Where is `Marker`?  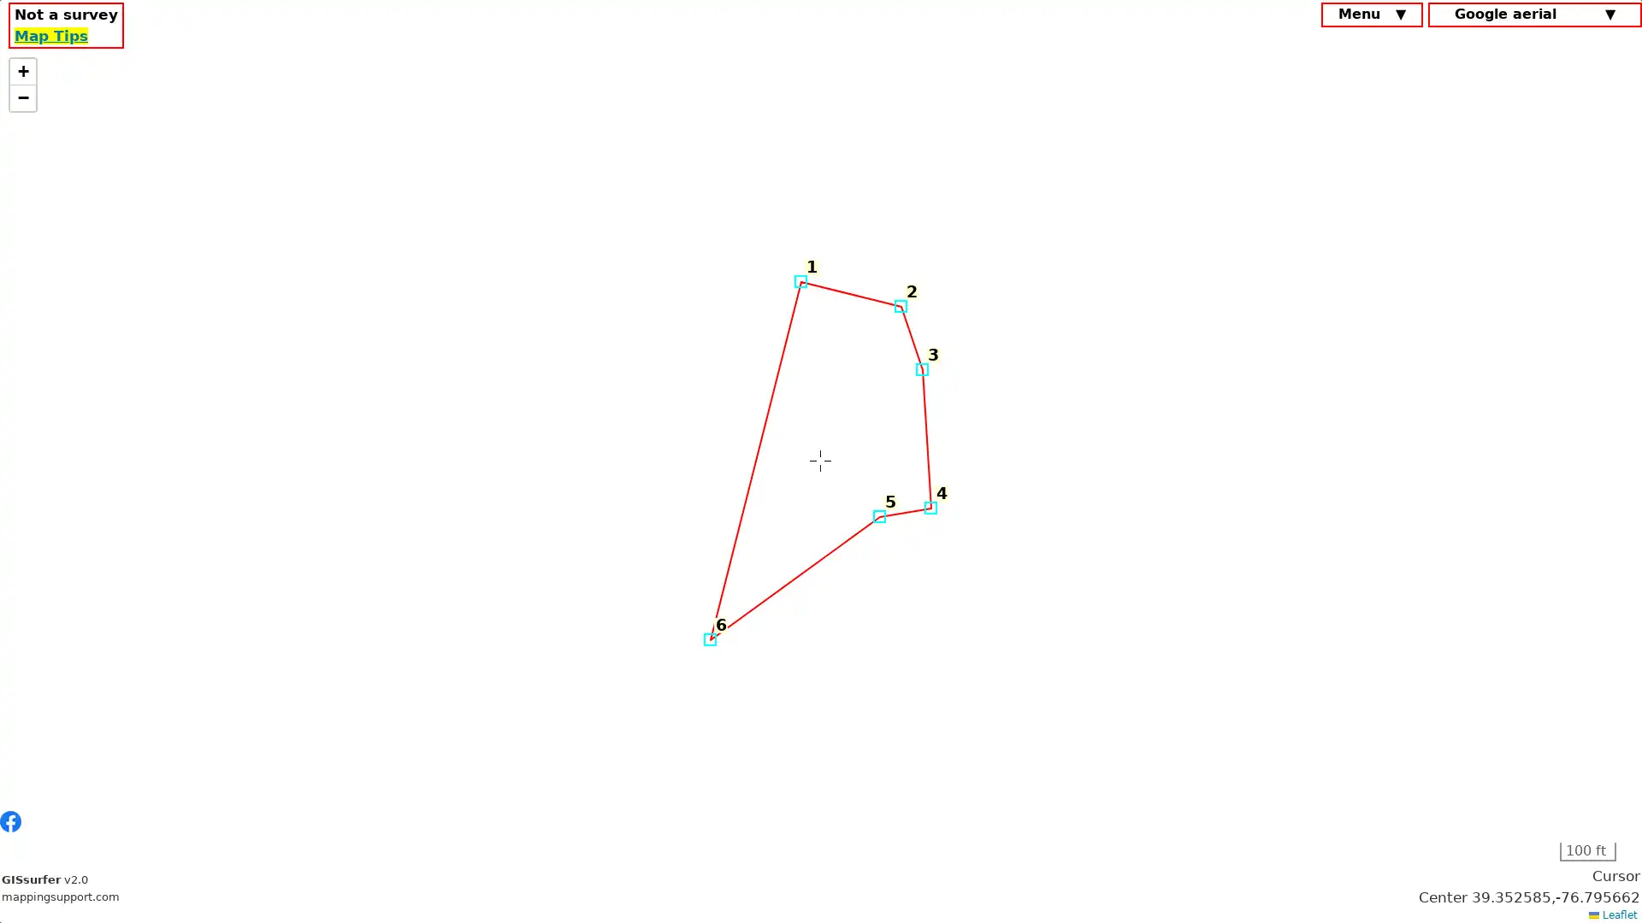 Marker is located at coordinates (800, 280).